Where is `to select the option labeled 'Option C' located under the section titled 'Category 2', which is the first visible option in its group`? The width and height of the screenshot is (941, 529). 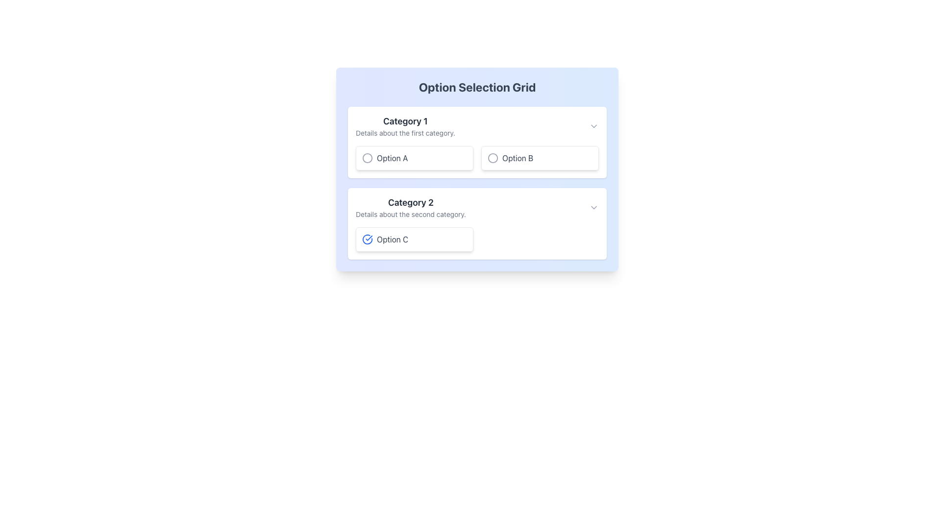 to select the option labeled 'Option C' located under the section titled 'Category 2', which is the first visible option in its group is located at coordinates (477, 240).